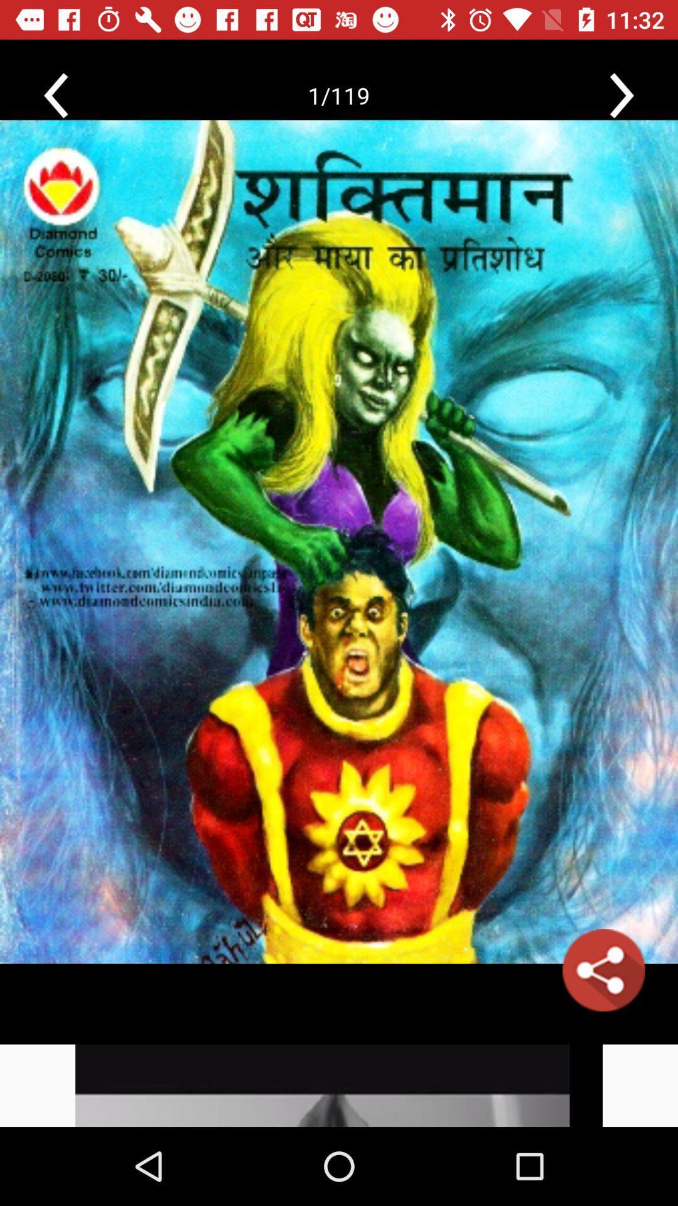 The width and height of the screenshot is (678, 1206). Describe the element at coordinates (603, 969) in the screenshot. I see `the share icon` at that location.